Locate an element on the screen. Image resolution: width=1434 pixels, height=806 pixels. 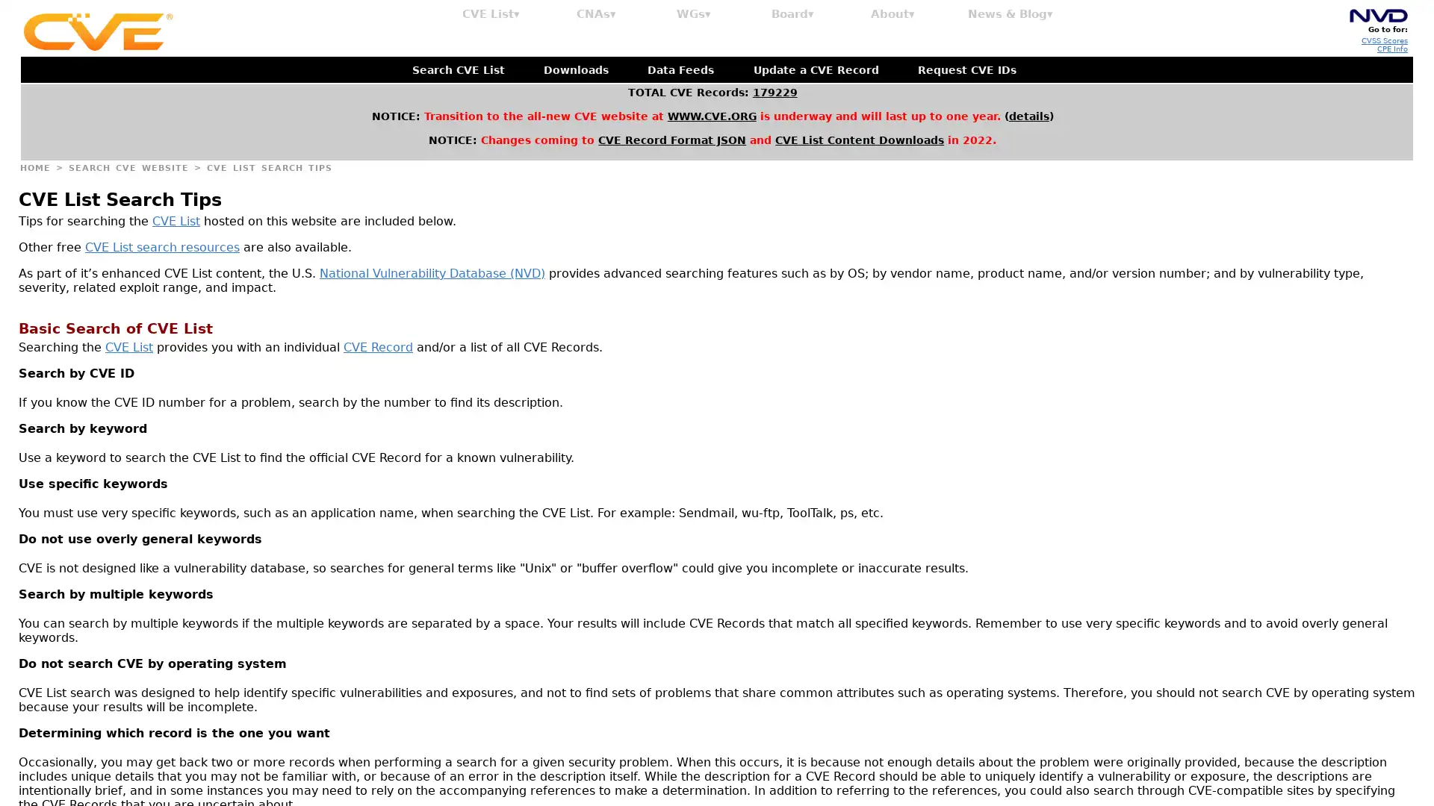
About is located at coordinates (893, 14).